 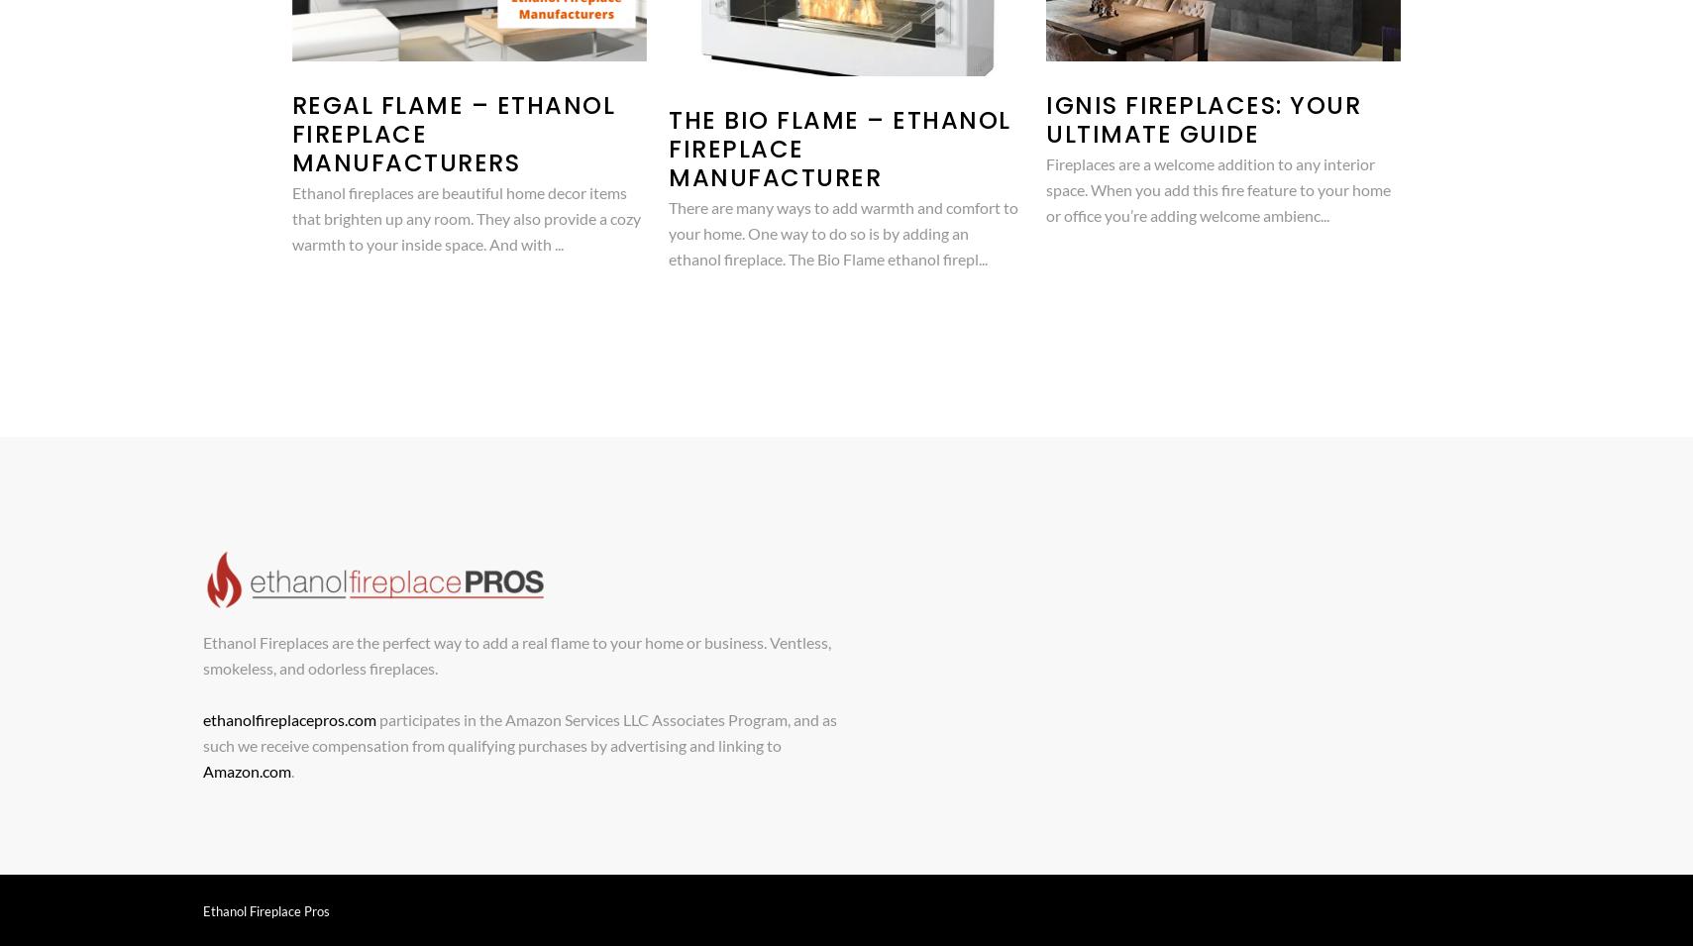 I want to click on 'Regal Flame – Ethanol Fireplace Manufacturers', so click(x=452, y=132).